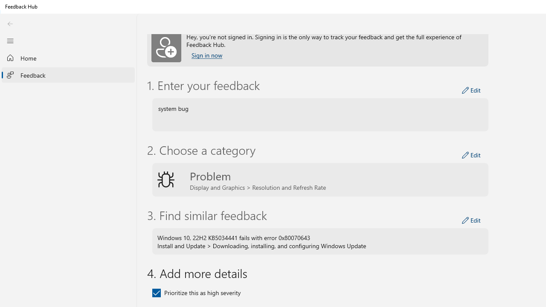 The width and height of the screenshot is (546, 307). What do you see at coordinates (471, 90) in the screenshot?
I see `'Edit your feedback details'` at bounding box center [471, 90].